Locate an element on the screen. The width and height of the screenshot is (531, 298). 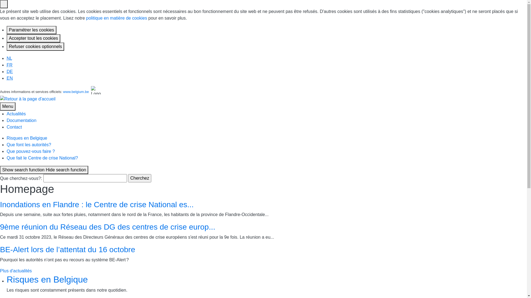
'www.belgium.be' is located at coordinates (76, 91).